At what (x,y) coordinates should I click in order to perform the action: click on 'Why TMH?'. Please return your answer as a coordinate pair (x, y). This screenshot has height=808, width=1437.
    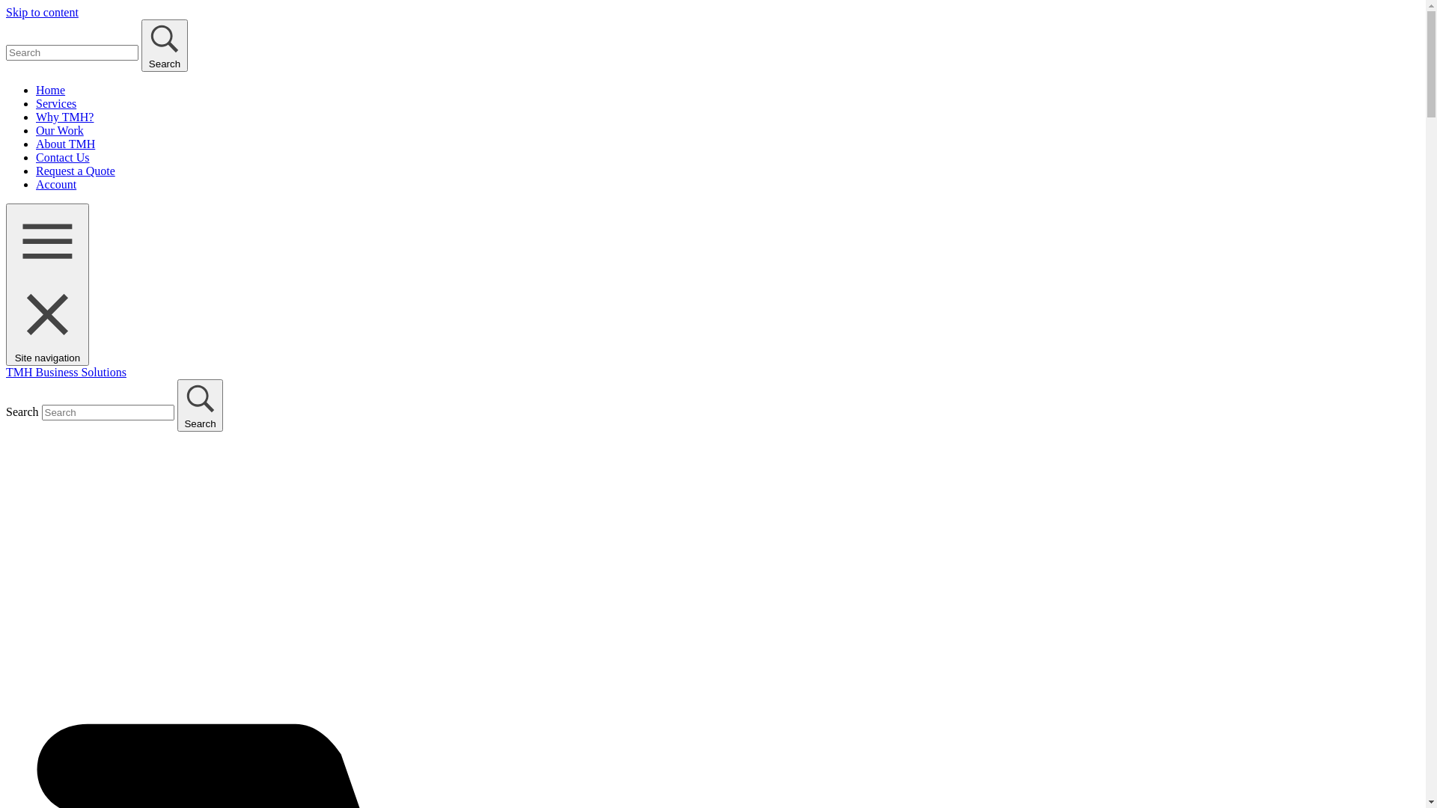
    Looking at the image, I should click on (64, 116).